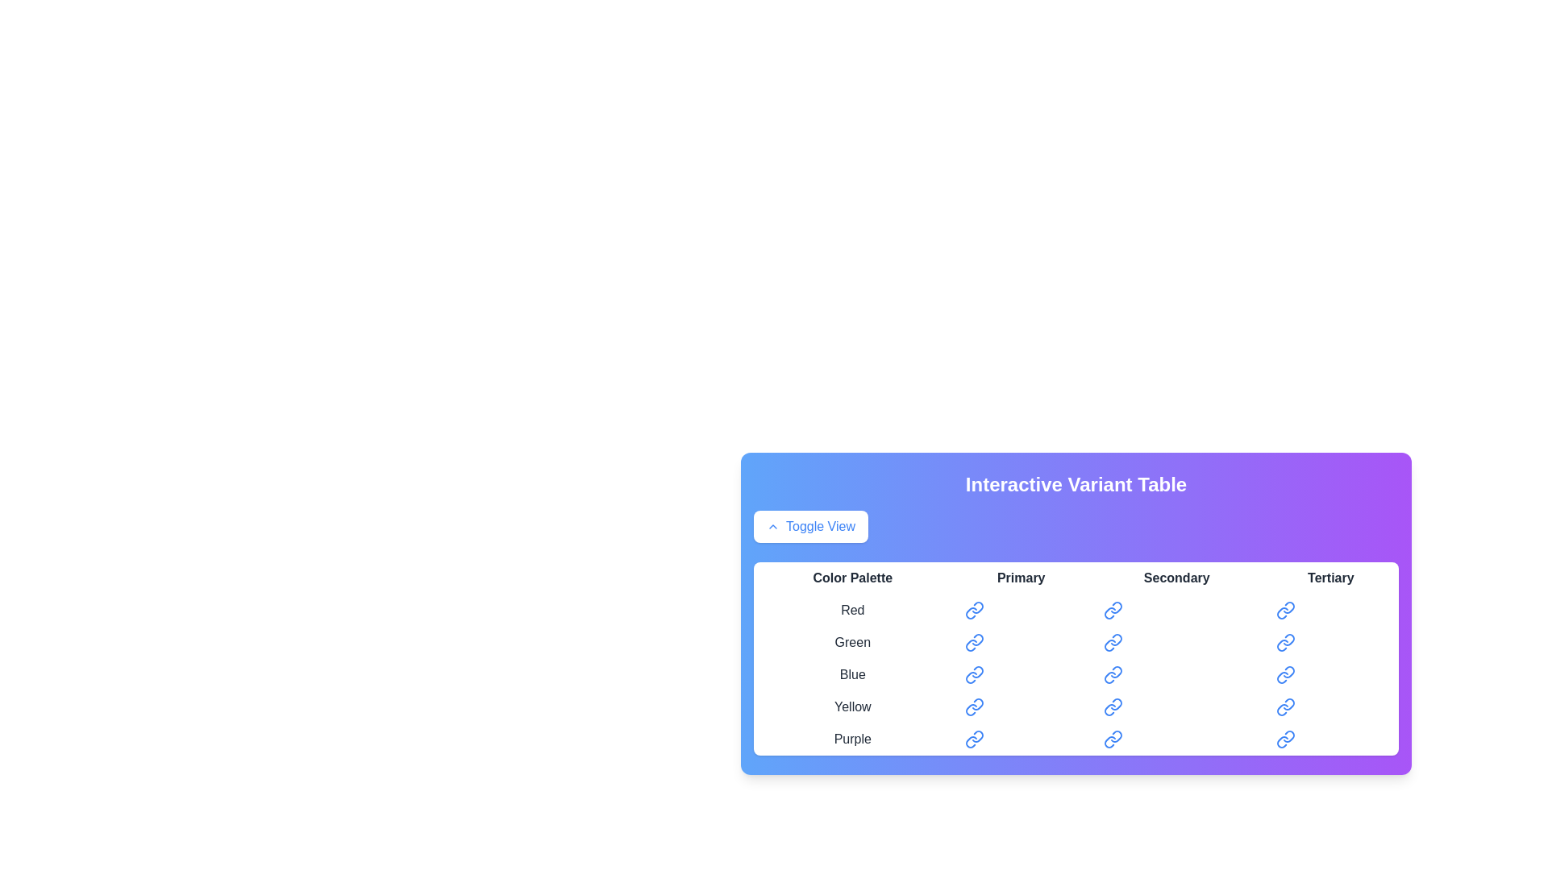 This screenshot has width=1548, height=870. I want to click on the vector graphic icon in the 'Interactive Variant Table' associated with the 'Purple' color palette under the 'Secondary' column, so click(1115, 736).